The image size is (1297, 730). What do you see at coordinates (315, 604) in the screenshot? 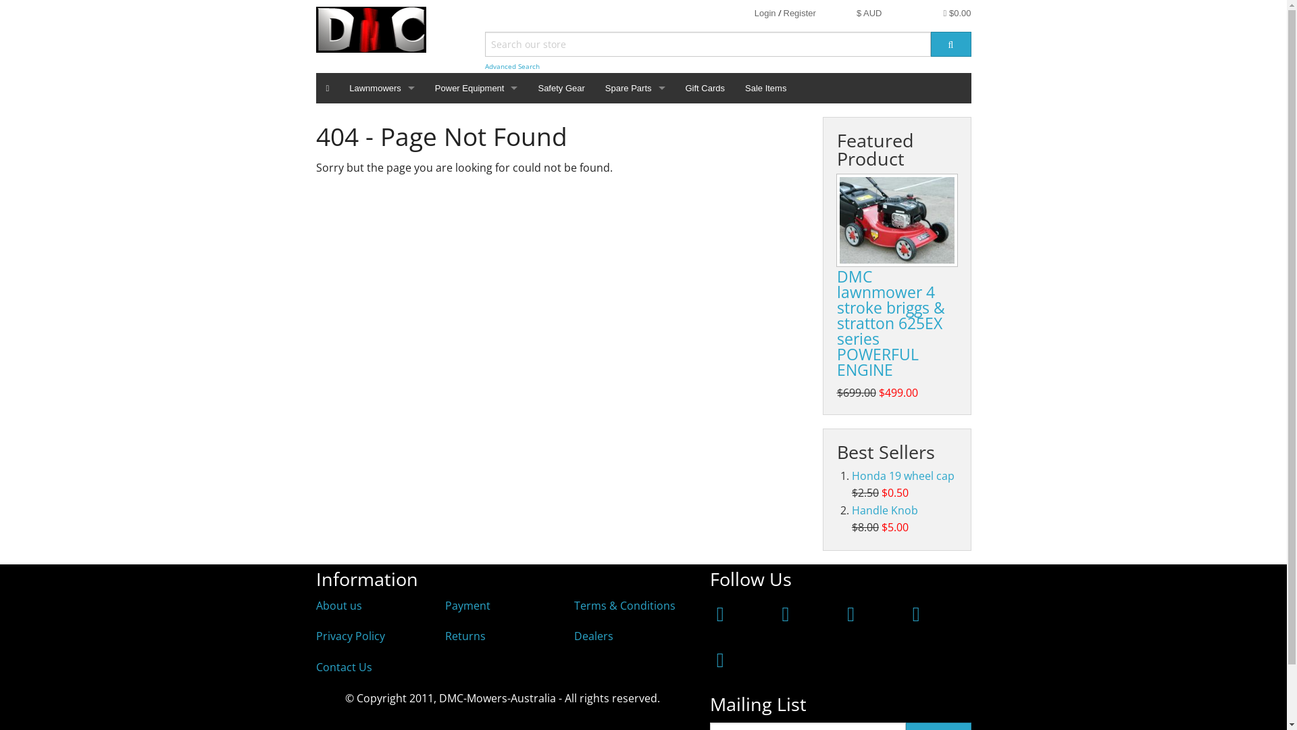
I see `'About us'` at bounding box center [315, 604].